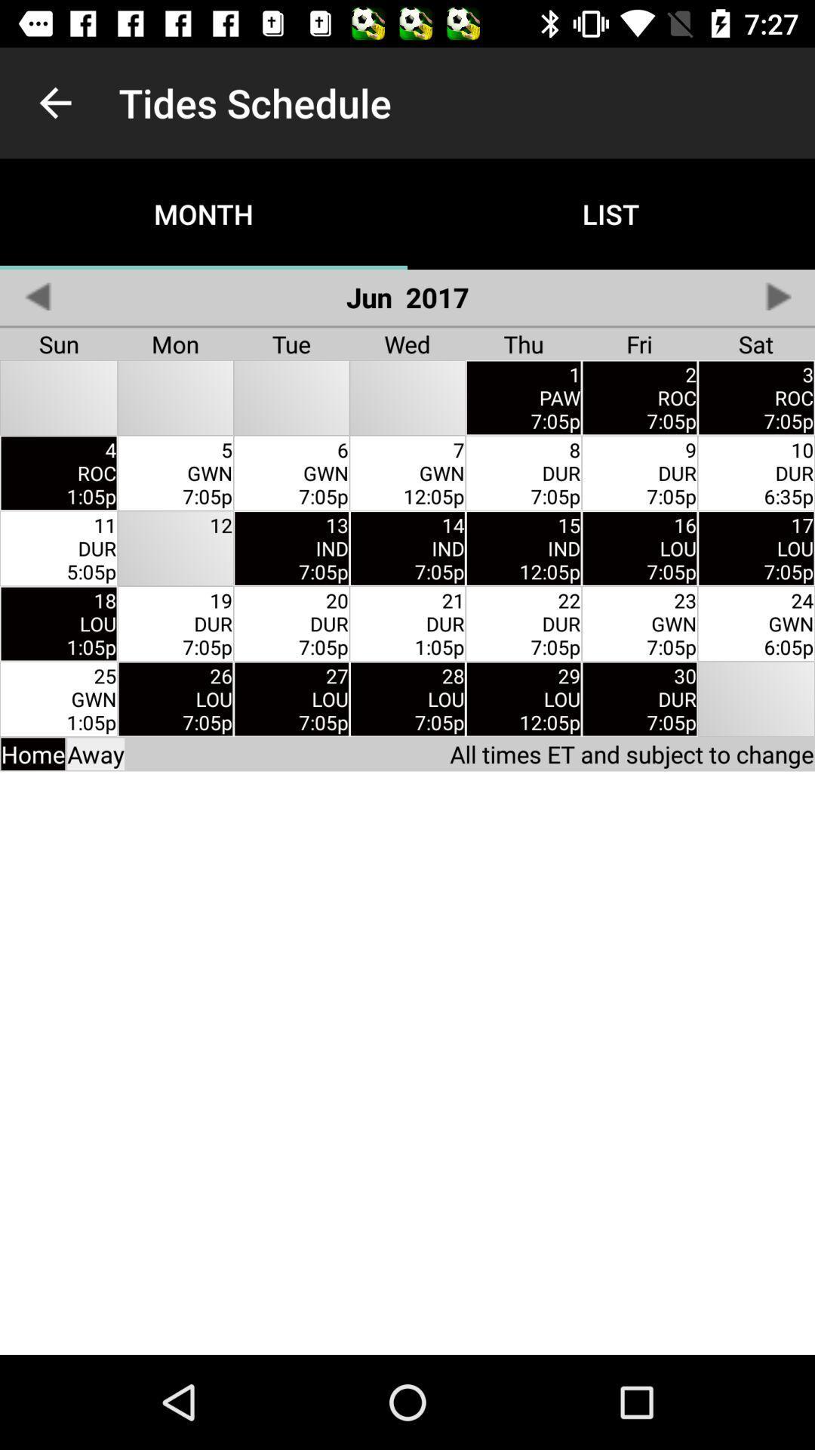 The image size is (815, 1450). I want to click on the arrow_backward icon, so click(36, 296).